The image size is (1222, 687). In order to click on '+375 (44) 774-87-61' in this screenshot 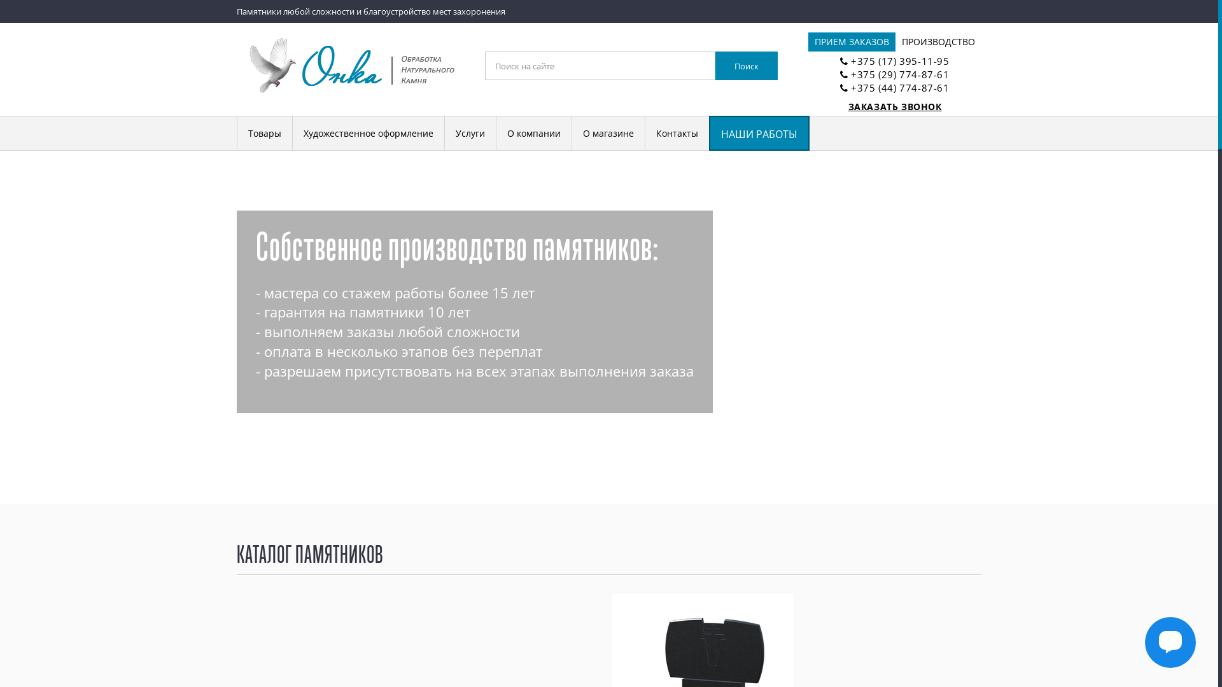, I will do `click(899, 87)`.